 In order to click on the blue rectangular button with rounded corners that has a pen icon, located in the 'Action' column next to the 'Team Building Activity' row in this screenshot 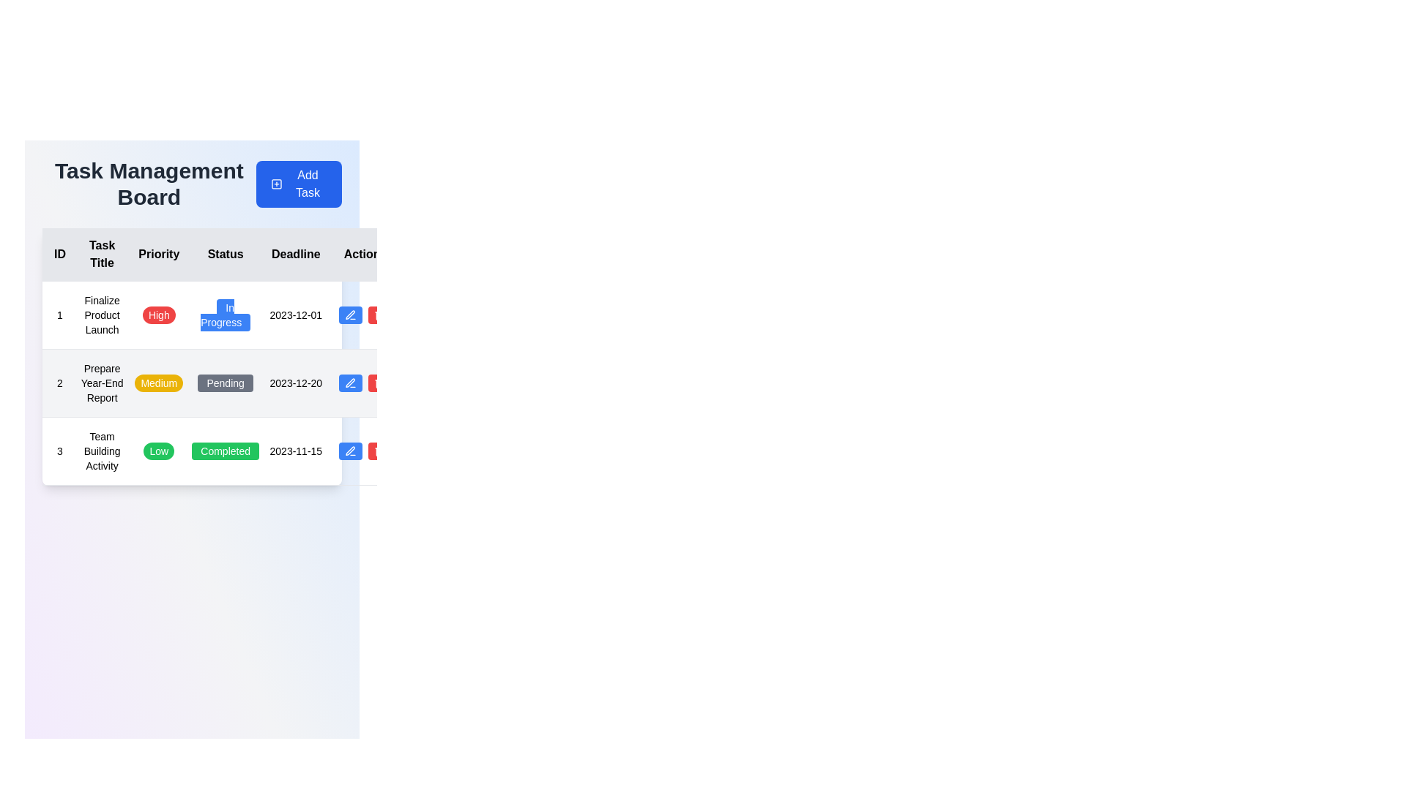, I will do `click(350, 451)`.